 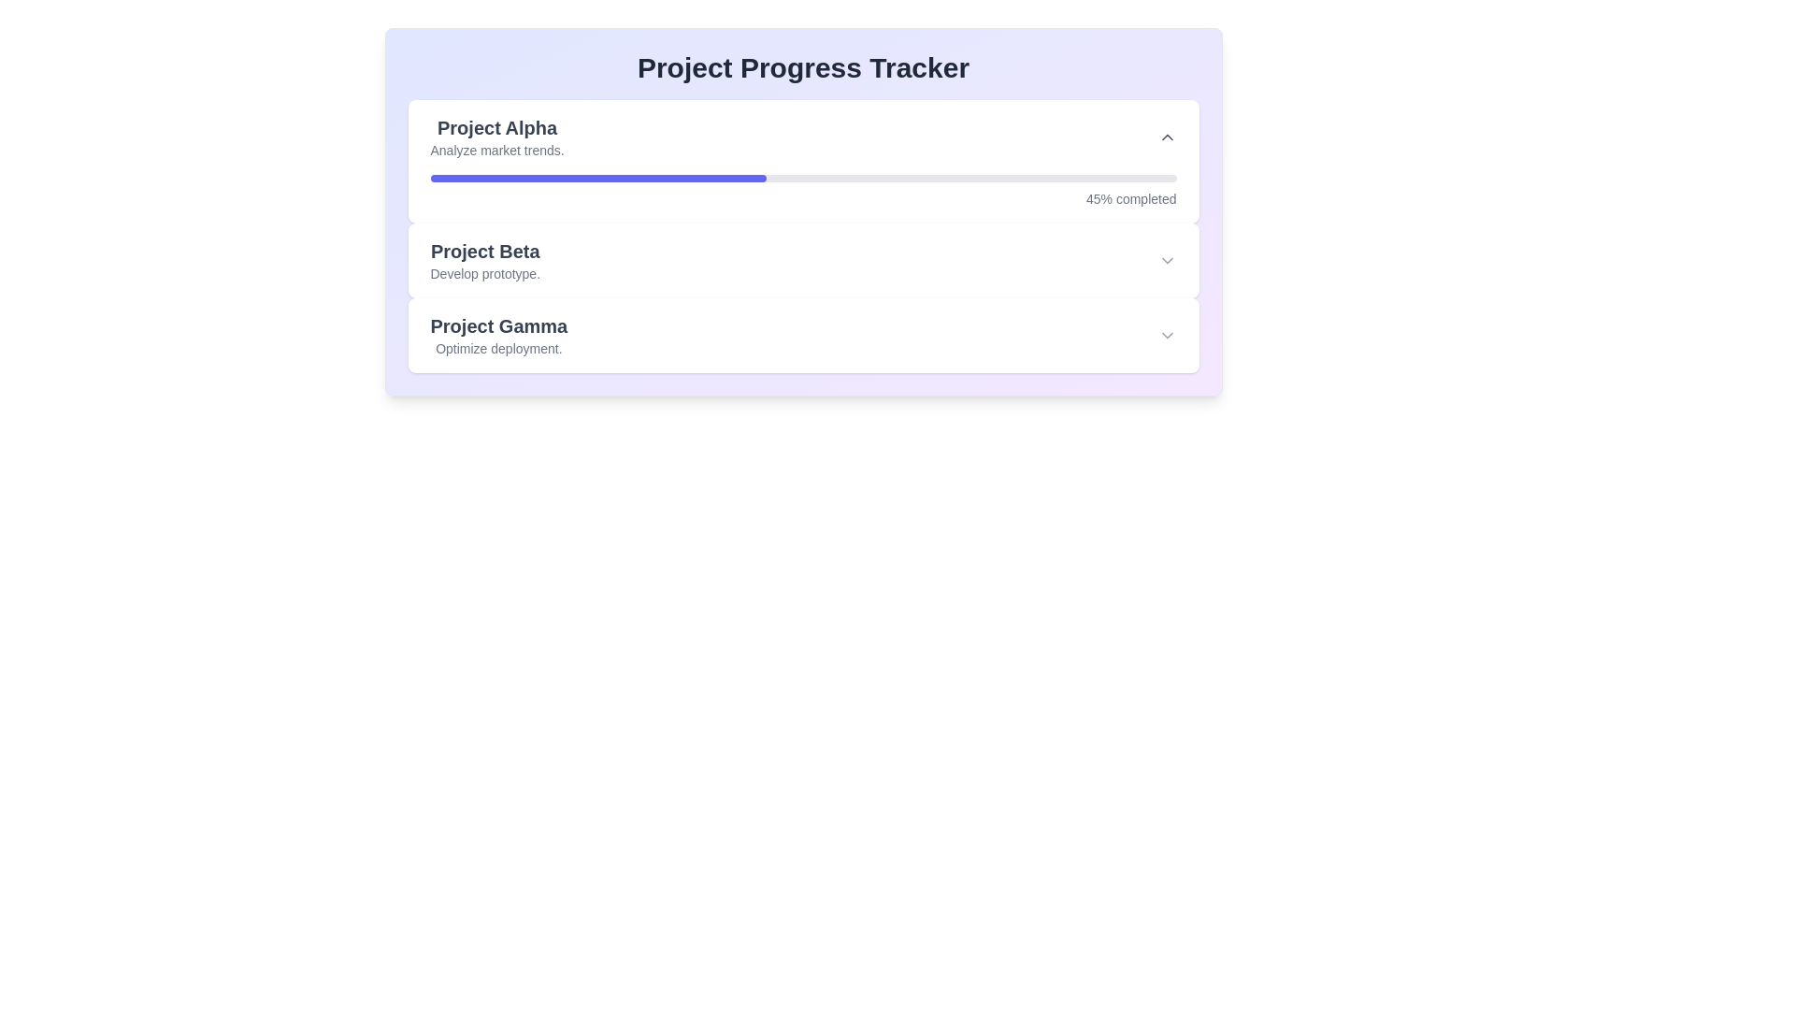 I want to click on the label displaying 'Project Beta' which is the second task in the 'Project Progress Tracker', positioned between 'Project Alpha' and 'Project Gamma', so click(x=485, y=260).